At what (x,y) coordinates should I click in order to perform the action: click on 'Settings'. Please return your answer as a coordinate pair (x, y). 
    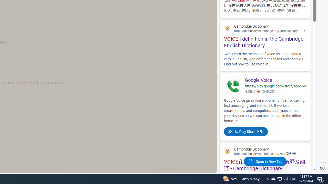
    Looking at the image, I should click on (322, 168).